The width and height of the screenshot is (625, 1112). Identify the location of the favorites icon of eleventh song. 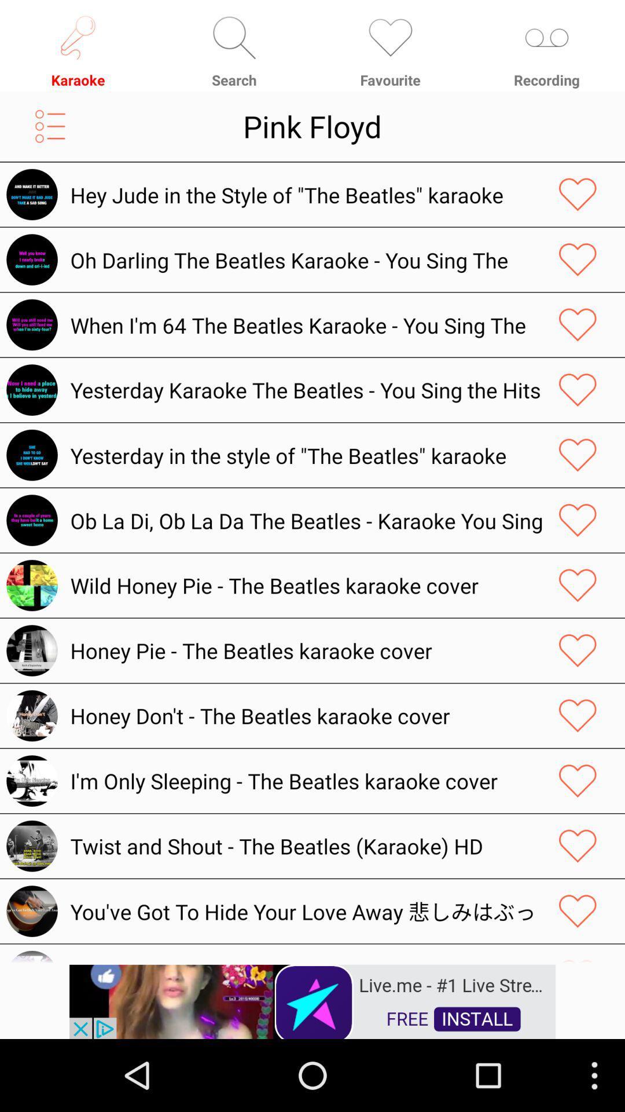
(578, 846).